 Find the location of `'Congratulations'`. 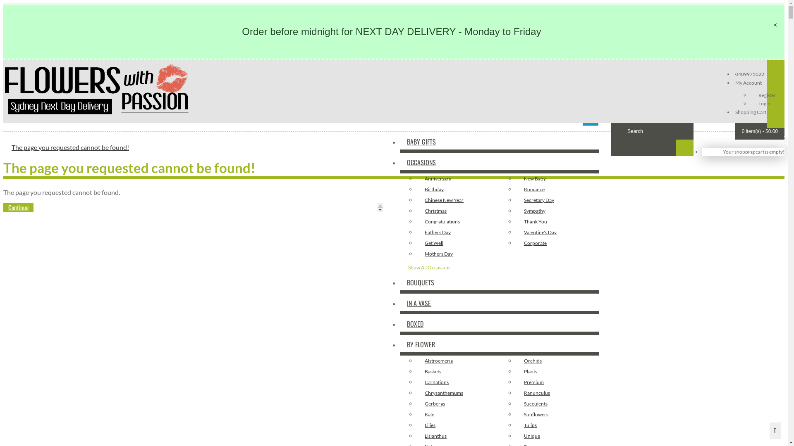

'Congratulations' is located at coordinates (457, 221).